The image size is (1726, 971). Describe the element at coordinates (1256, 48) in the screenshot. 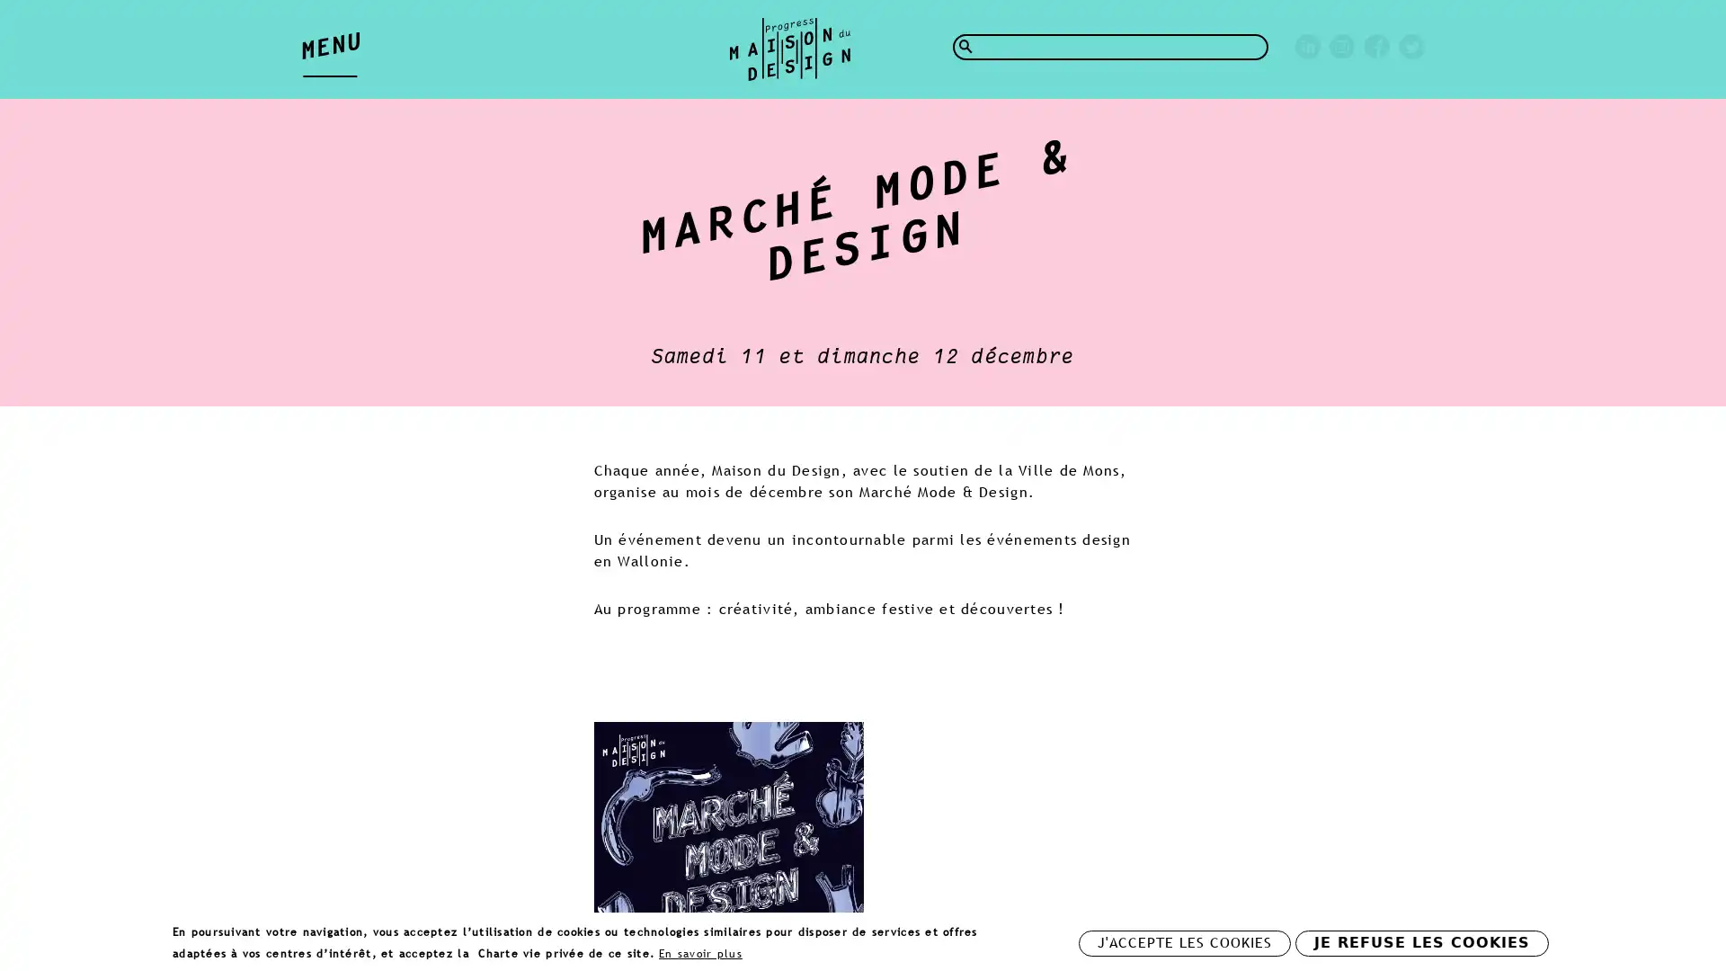

I see `Rechercher` at that location.